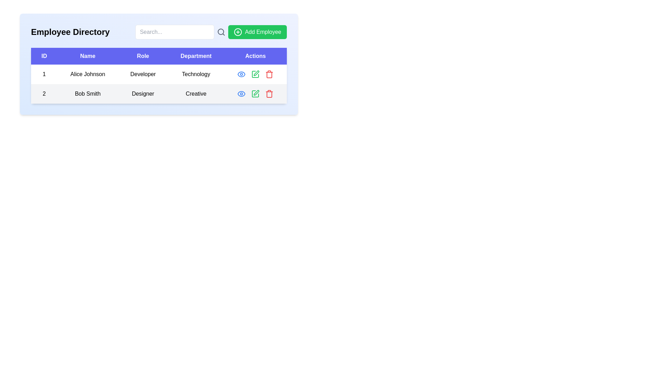 This screenshot has width=670, height=377. What do you see at coordinates (255, 94) in the screenshot?
I see `the green pen square icon in the 'Actions' column of the second row in the 'Employee Directory' table` at bounding box center [255, 94].